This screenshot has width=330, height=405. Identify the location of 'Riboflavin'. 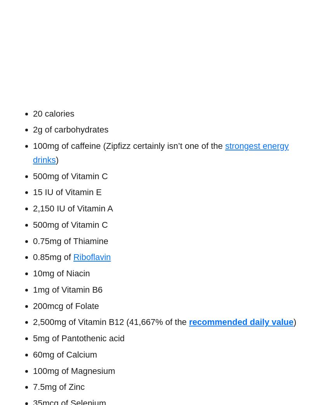
(73, 257).